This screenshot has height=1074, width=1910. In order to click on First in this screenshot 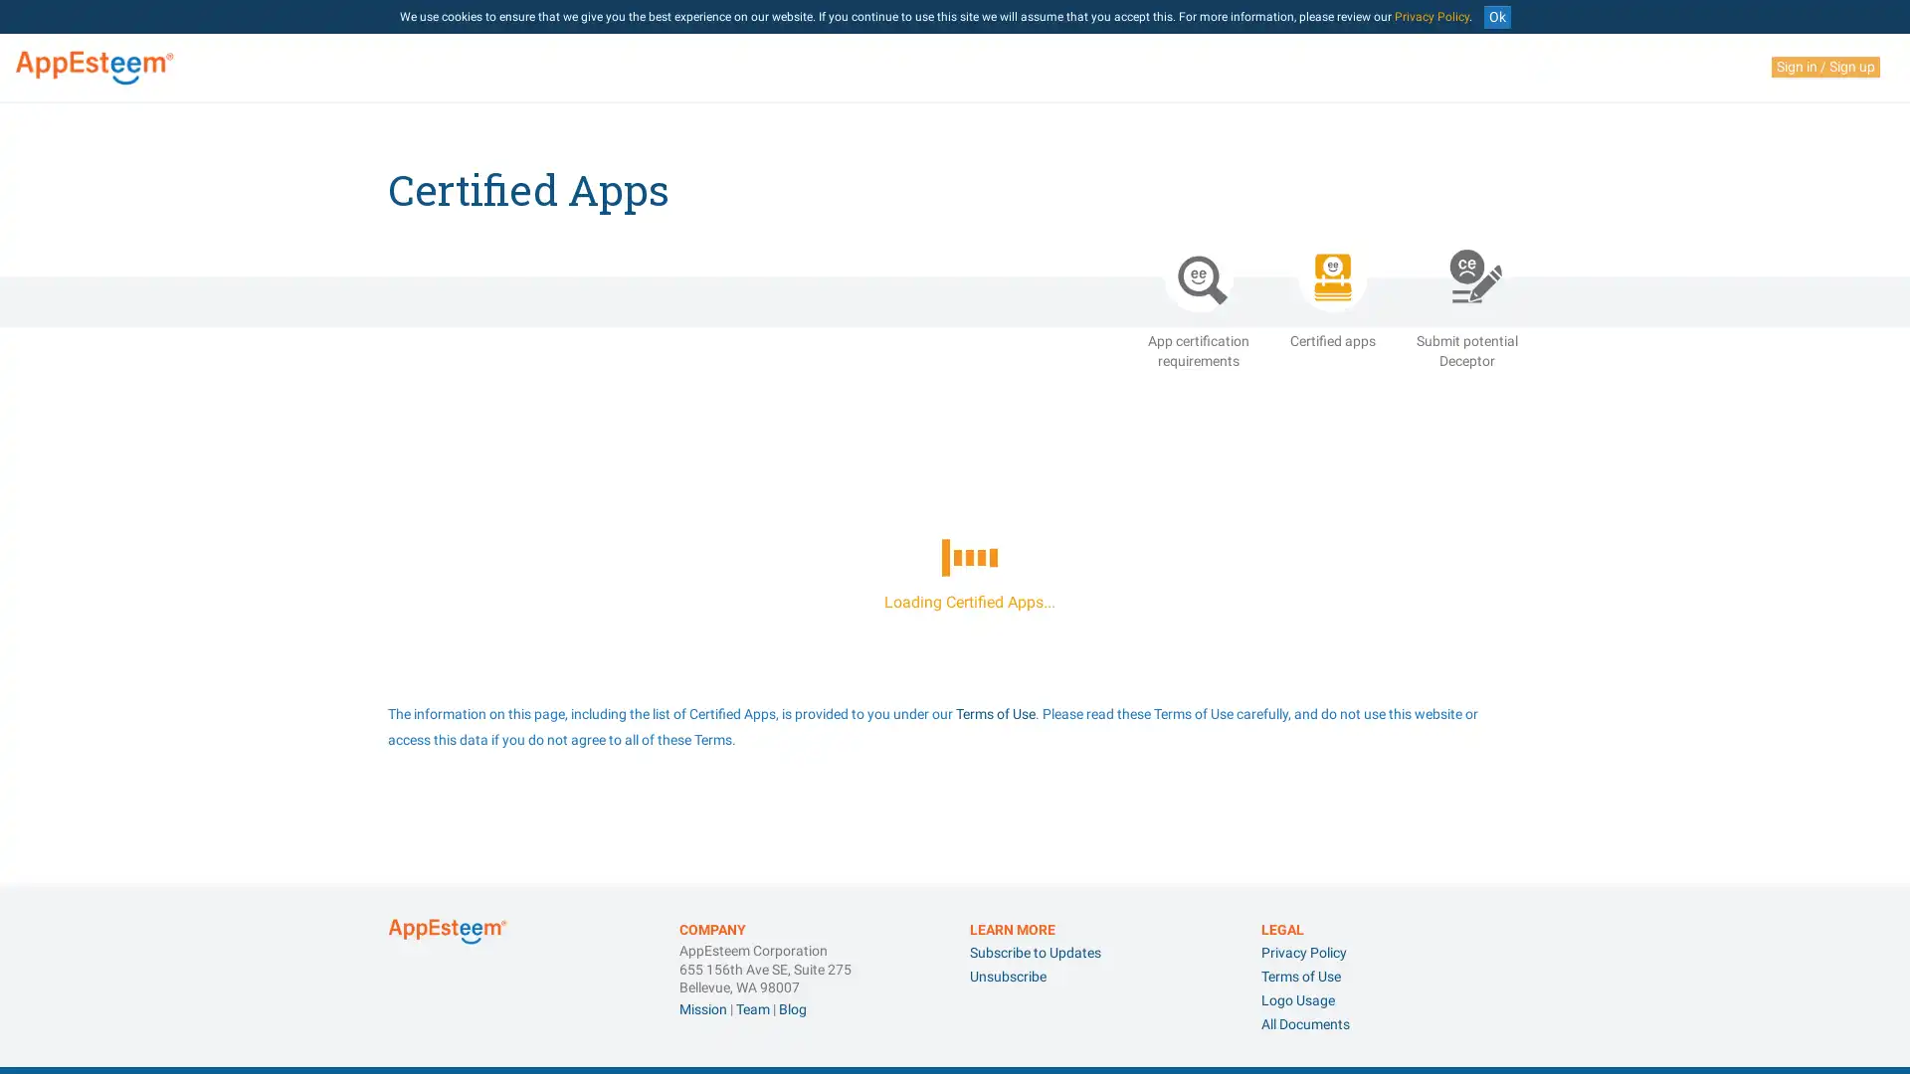, I will do `click(1378, 992)`.